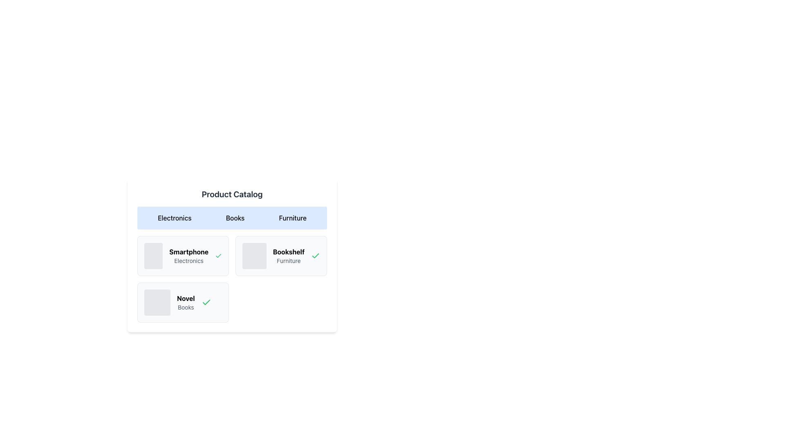 The width and height of the screenshot is (785, 441). What do you see at coordinates (281, 256) in the screenshot?
I see `the 'Bookshelf' product card in the top row of the grid layout, which is the second card from the left` at bounding box center [281, 256].